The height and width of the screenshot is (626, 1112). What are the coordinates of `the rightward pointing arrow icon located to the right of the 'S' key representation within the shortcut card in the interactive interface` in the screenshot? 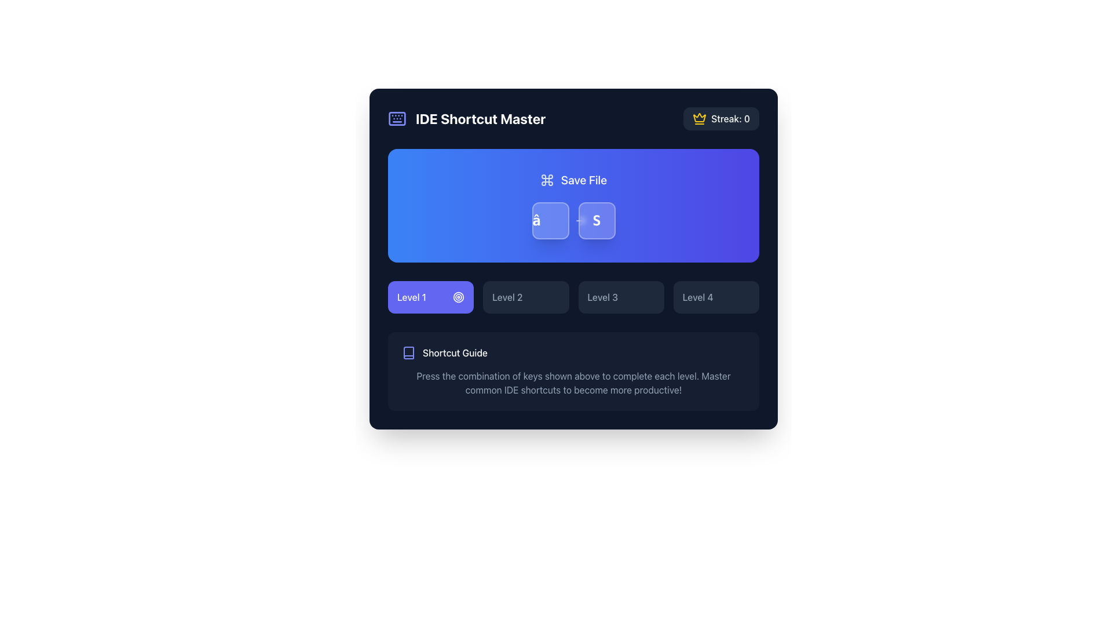 It's located at (580, 221).